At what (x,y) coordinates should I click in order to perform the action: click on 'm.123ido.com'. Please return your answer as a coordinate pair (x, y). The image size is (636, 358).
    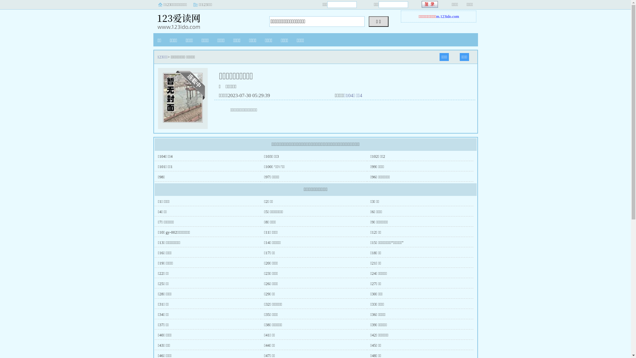
    Looking at the image, I should click on (448, 16).